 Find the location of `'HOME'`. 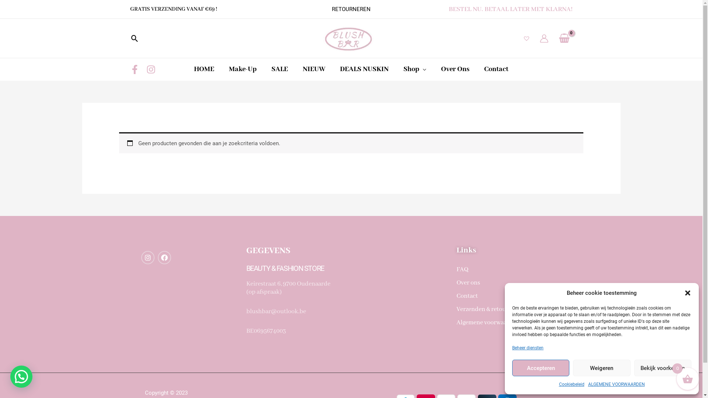

'HOME' is located at coordinates (204, 69).